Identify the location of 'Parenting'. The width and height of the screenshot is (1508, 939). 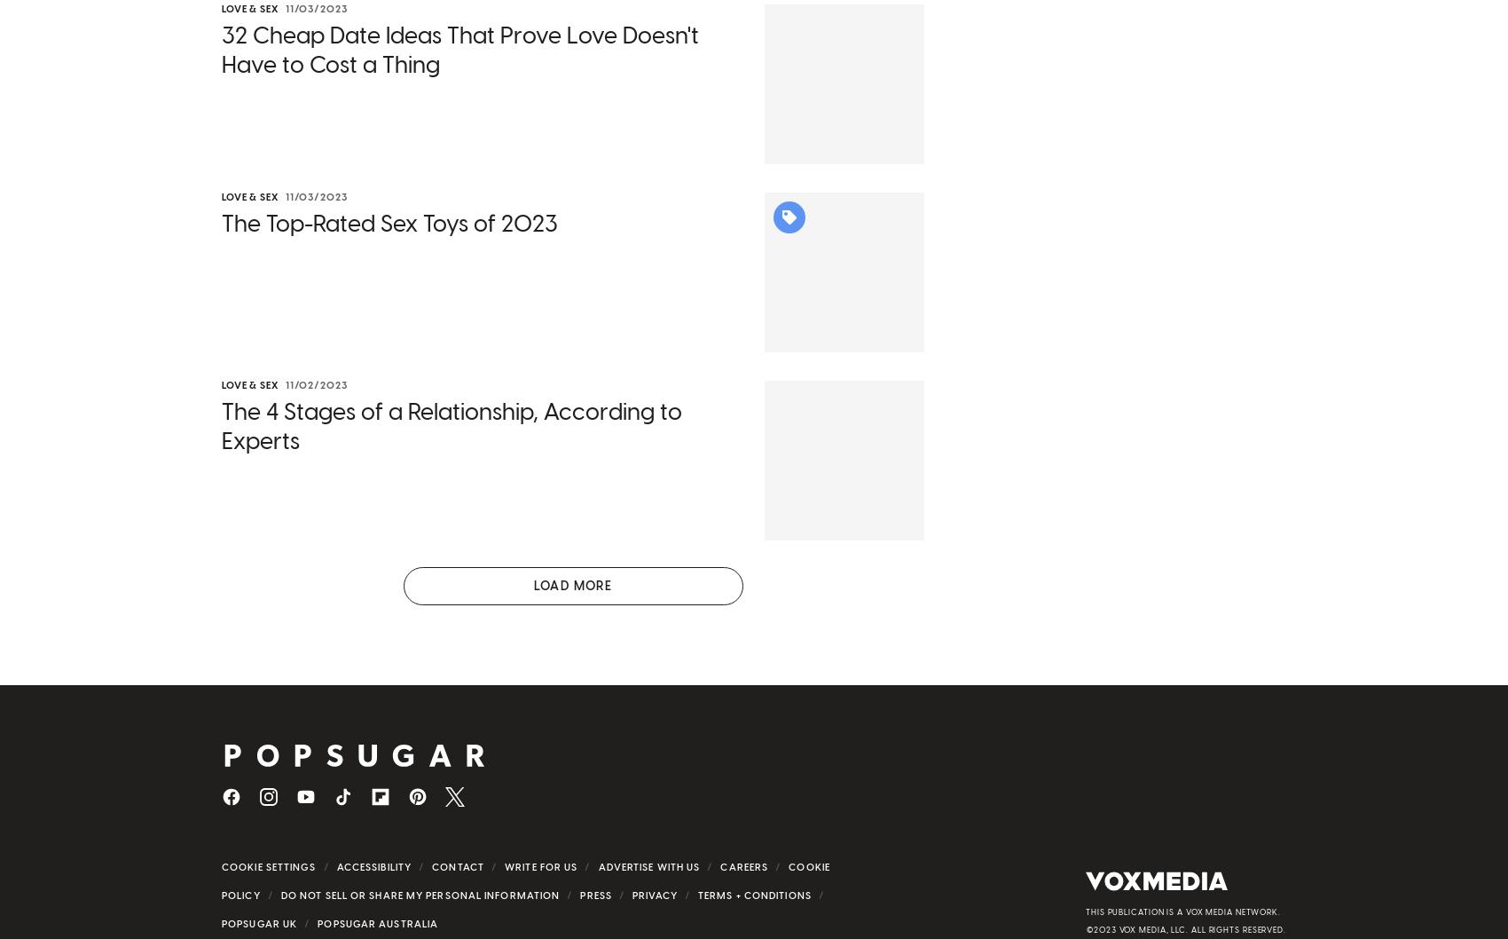
(267, 916).